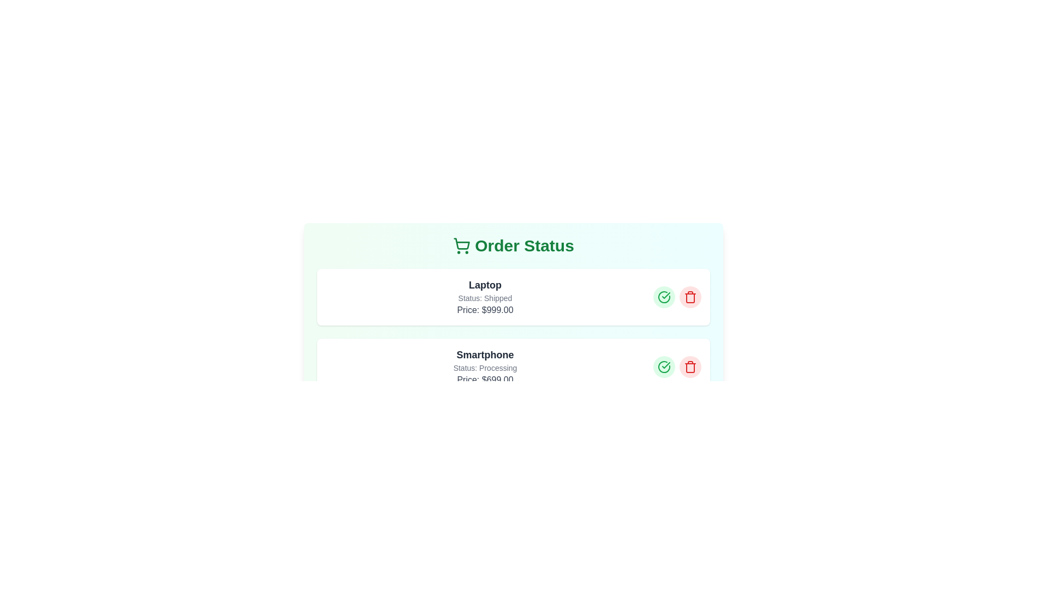  What do you see at coordinates (664, 297) in the screenshot?
I see `'Mark as Completed' button for the order with item Laptop` at bounding box center [664, 297].